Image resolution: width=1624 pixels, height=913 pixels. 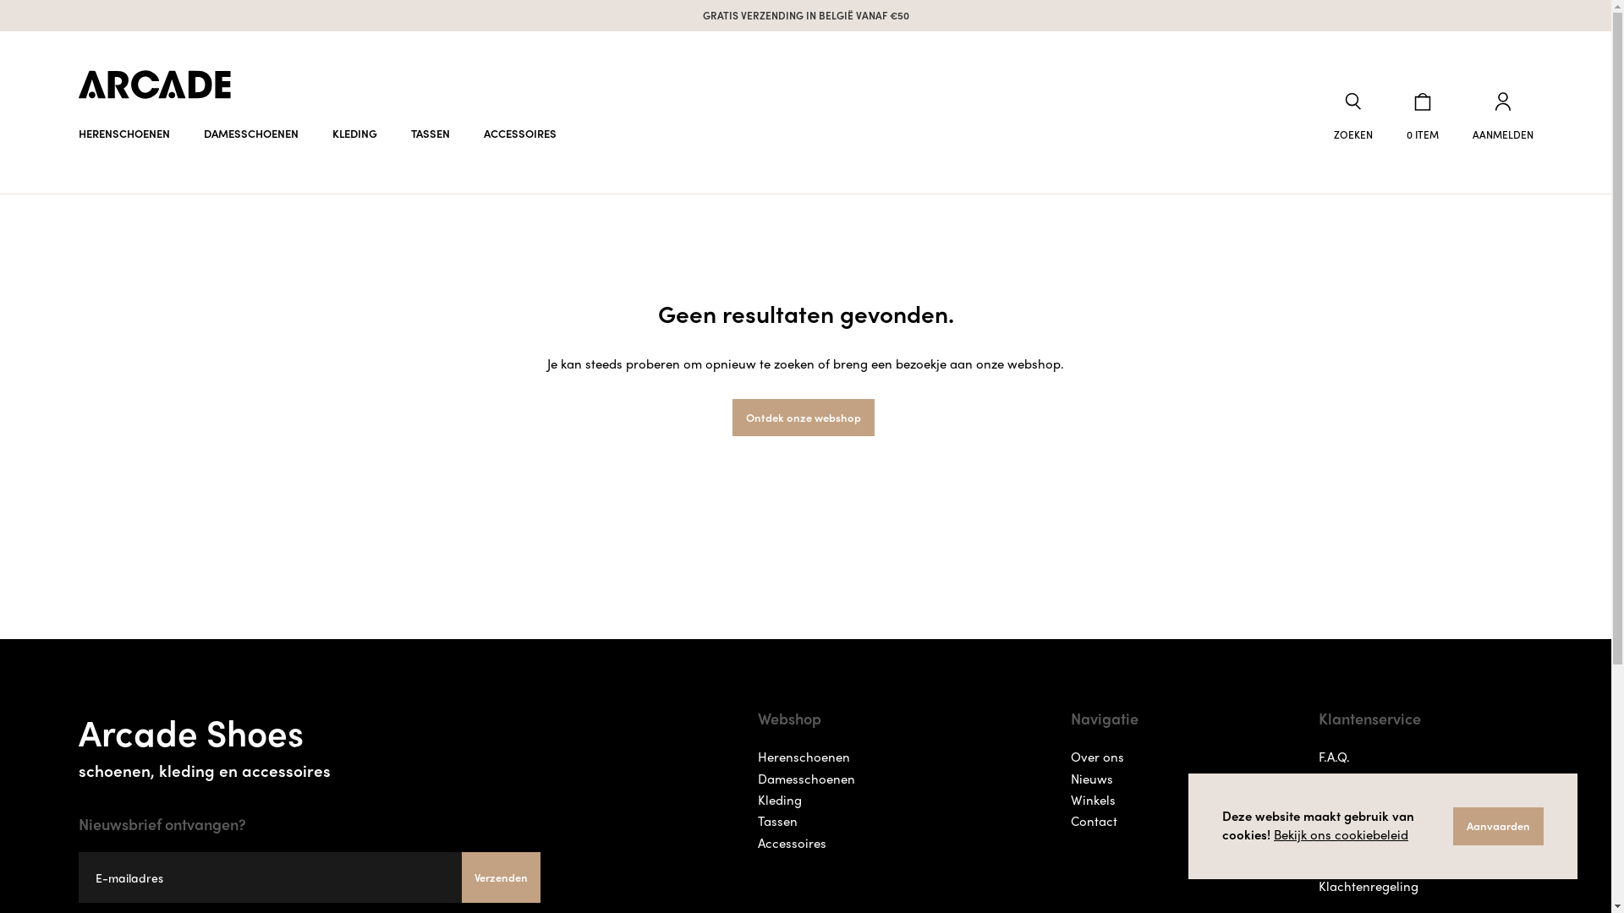 What do you see at coordinates (1092, 779) in the screenshot?
I see `'Nieuws'` at bounding box center [1092, 779].